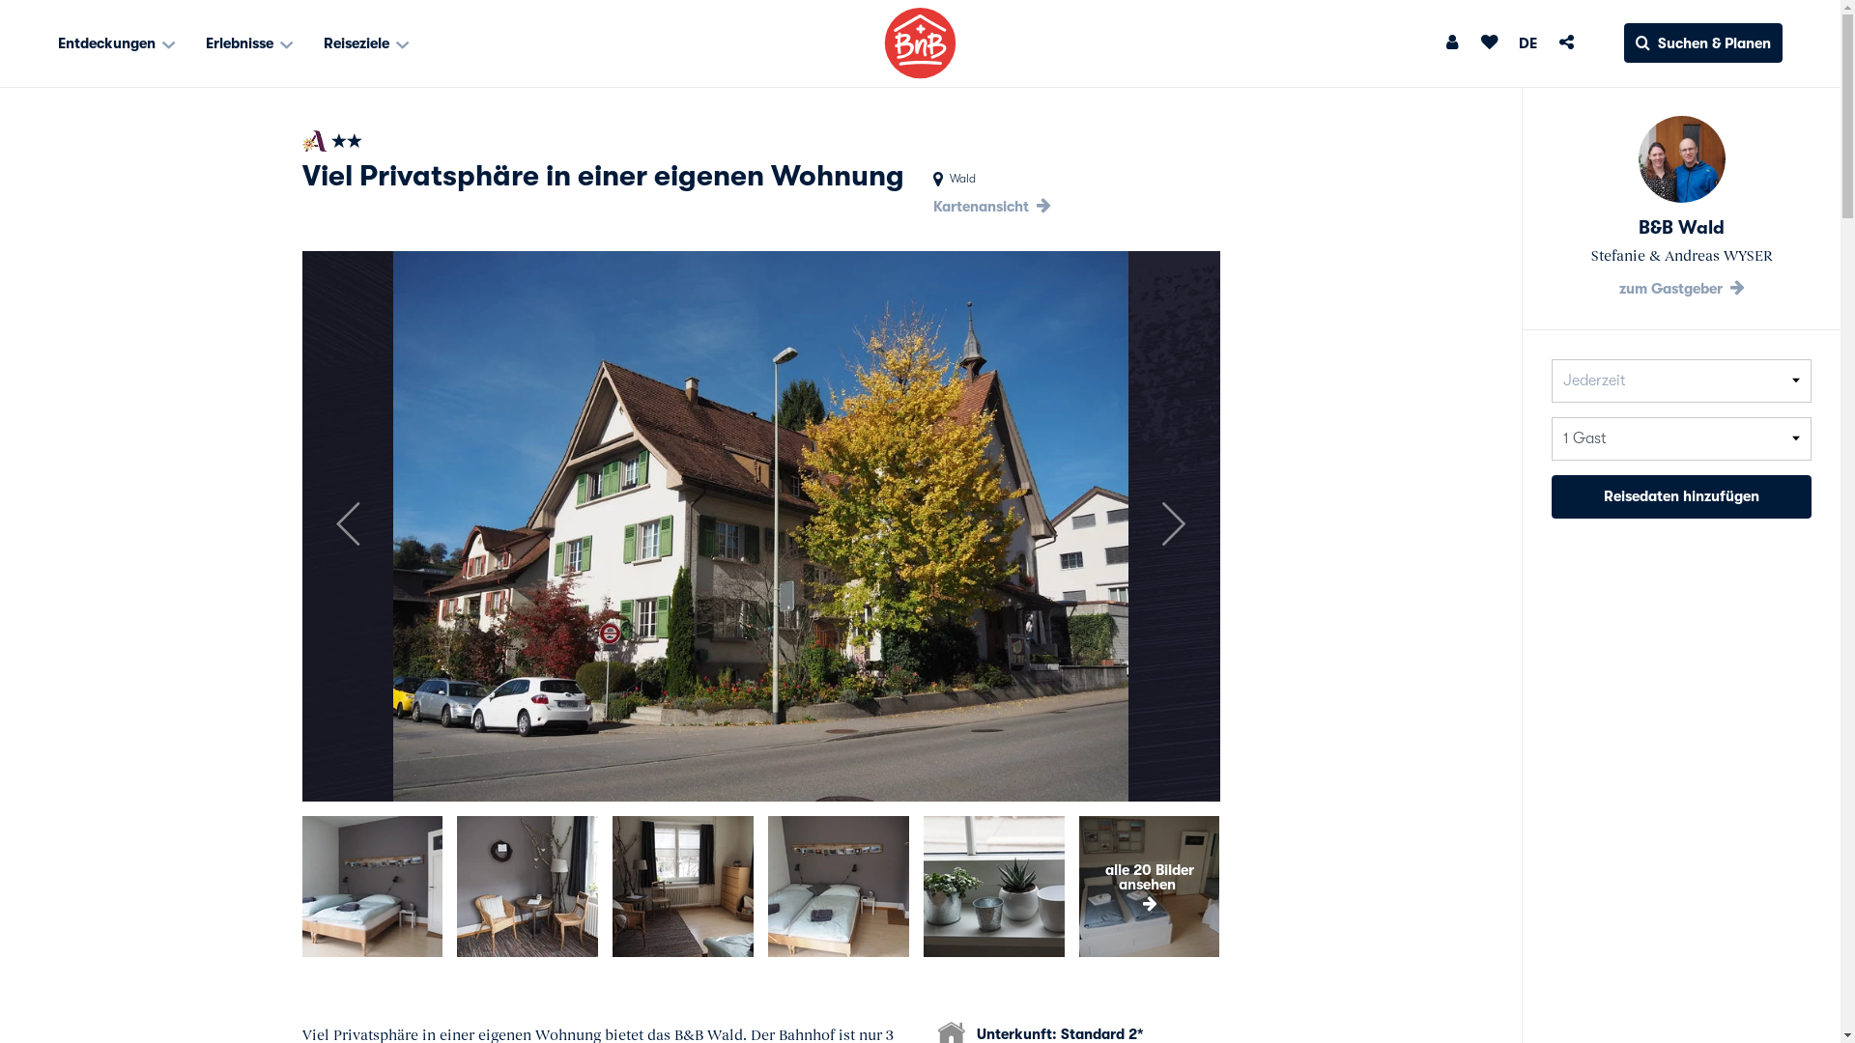 The width and height of the screenshot is (1855, 1043). What do you see at coordinates (1680, 289) in the screenshot?
I see `'zum Gastgeber '` at bounding box center [1680, 289].